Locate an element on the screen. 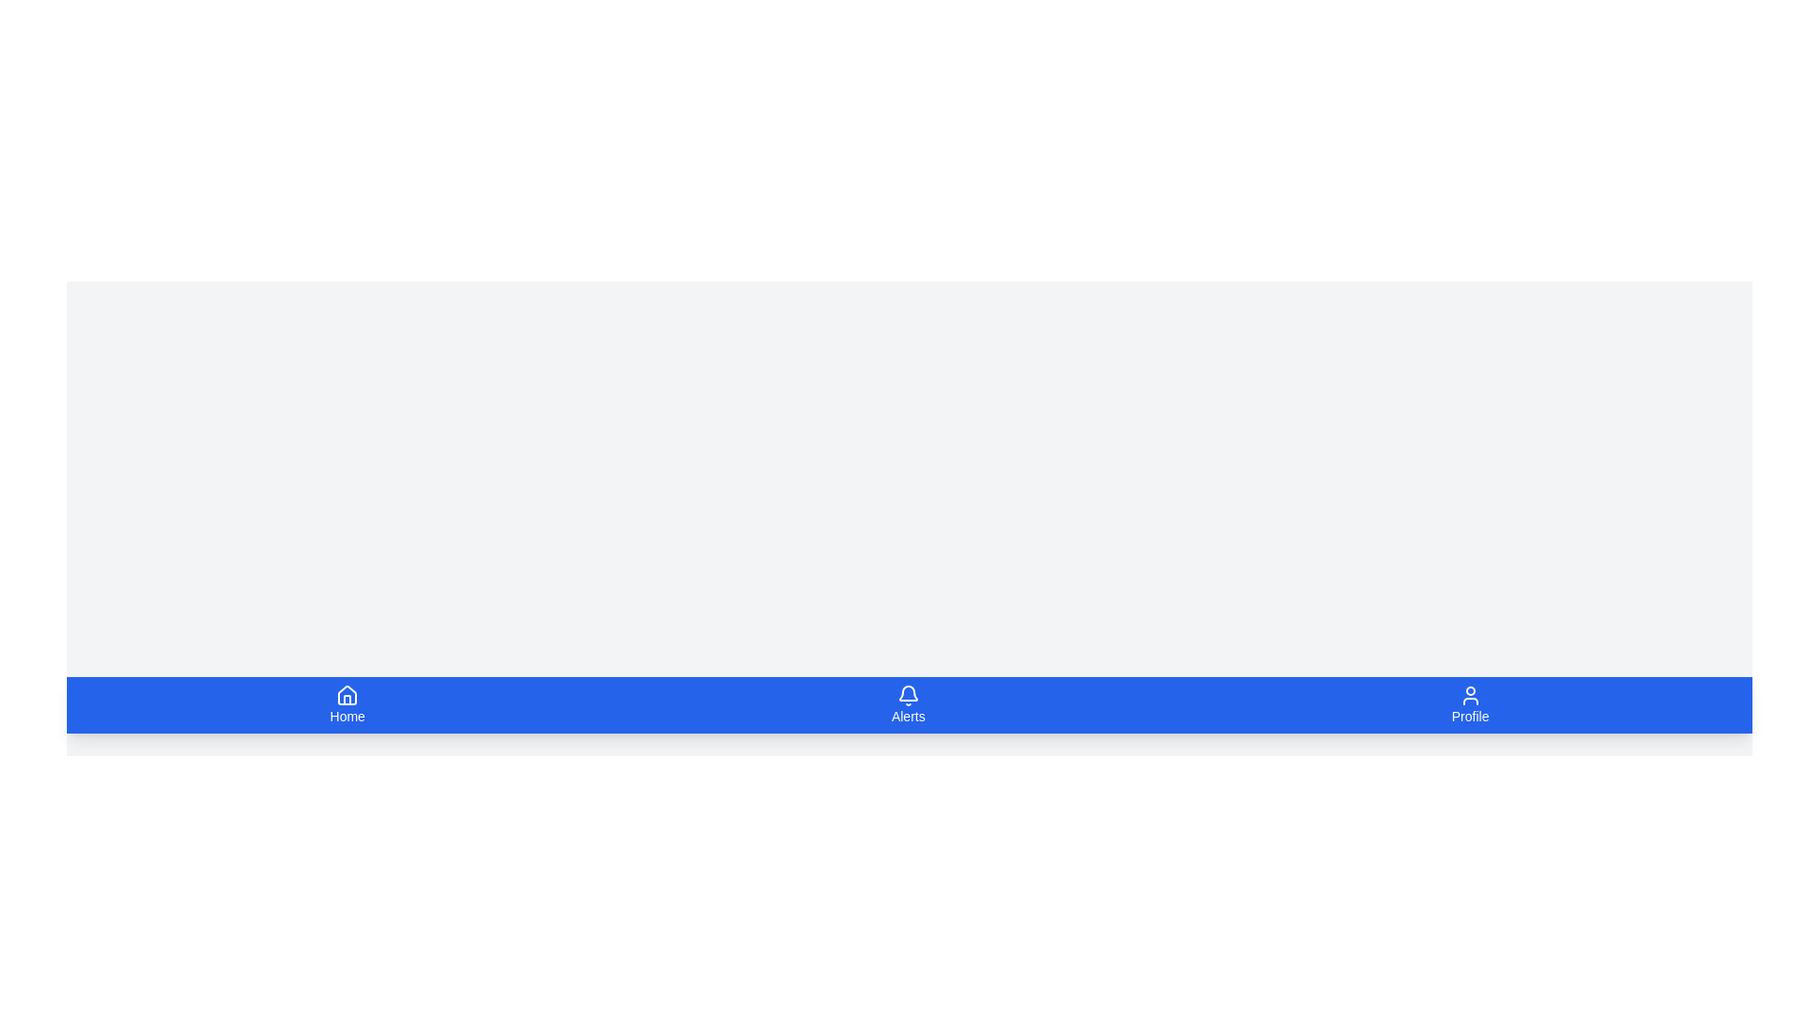 Image resolution: width=1808 pixels, height=1017 pixels. the 'Profile' icon in the navigation bar at the bottom right is located at coordinates (1469, 696).